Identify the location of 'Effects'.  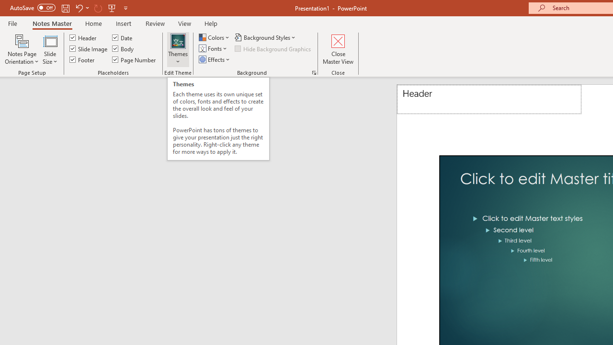
(215, 59).